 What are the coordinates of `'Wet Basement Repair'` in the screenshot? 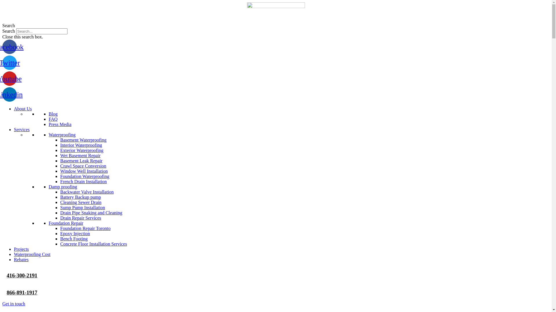 It's located at (80, 155).